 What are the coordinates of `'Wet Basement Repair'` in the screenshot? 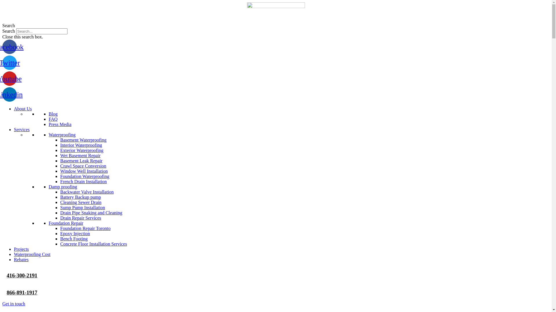 It's located at (80, 155).